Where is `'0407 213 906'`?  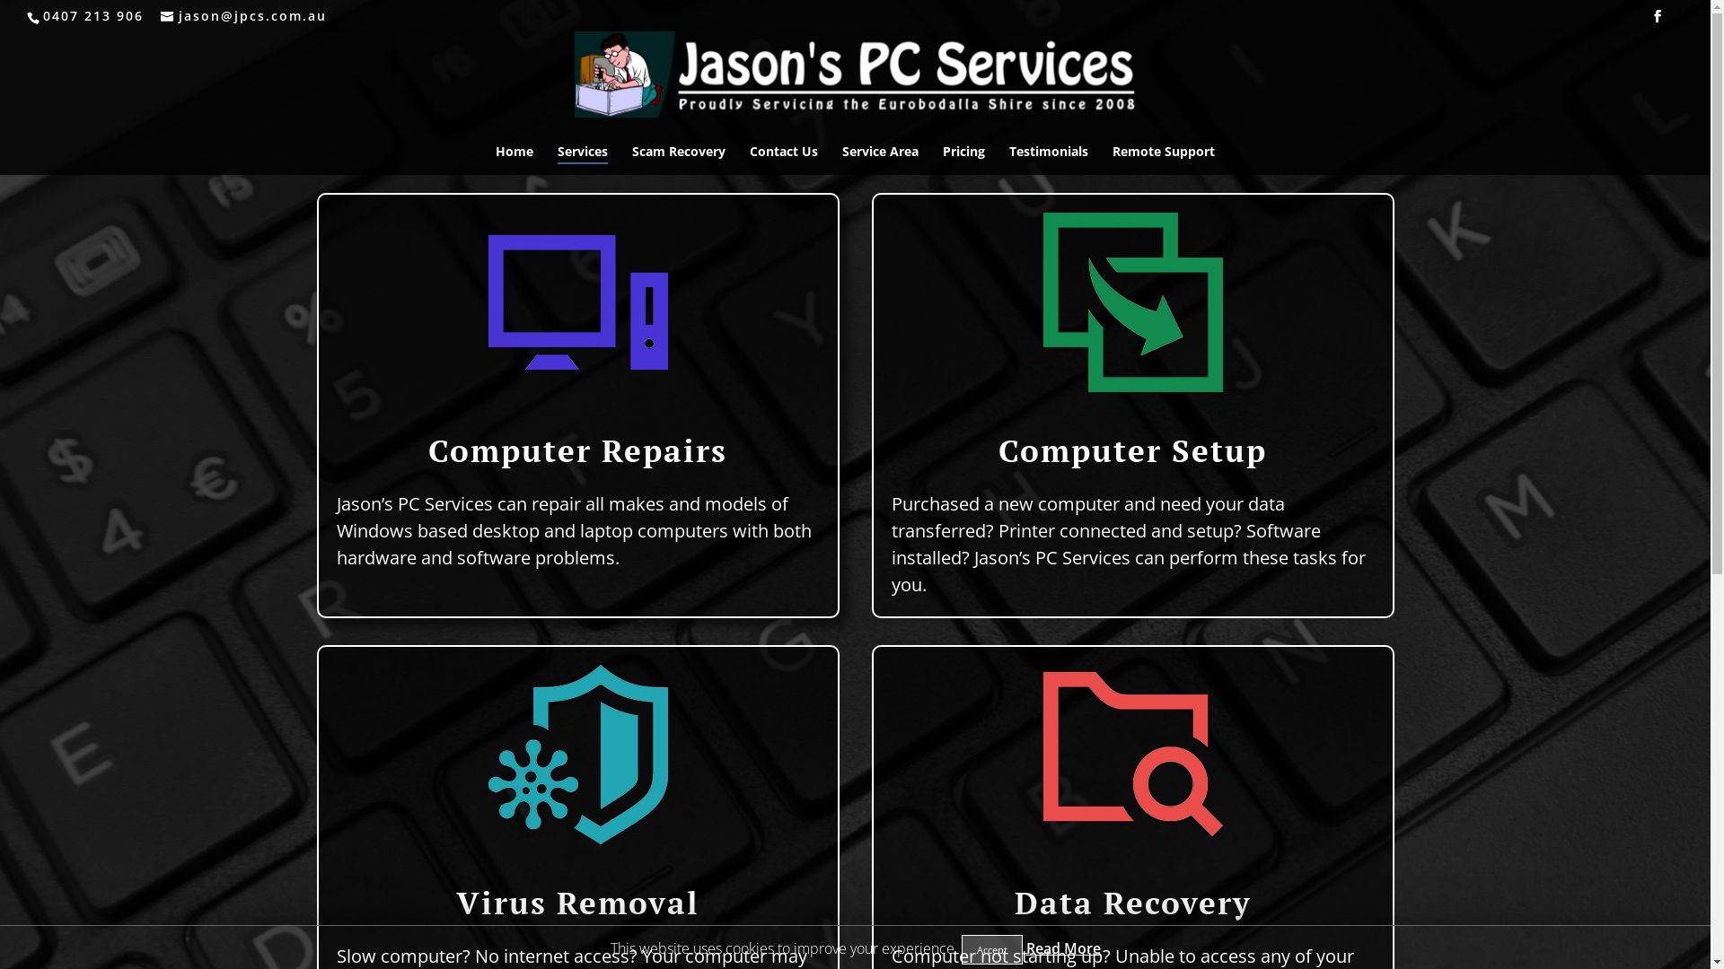 '0407 213 906' is located at coordinates (90, 15).